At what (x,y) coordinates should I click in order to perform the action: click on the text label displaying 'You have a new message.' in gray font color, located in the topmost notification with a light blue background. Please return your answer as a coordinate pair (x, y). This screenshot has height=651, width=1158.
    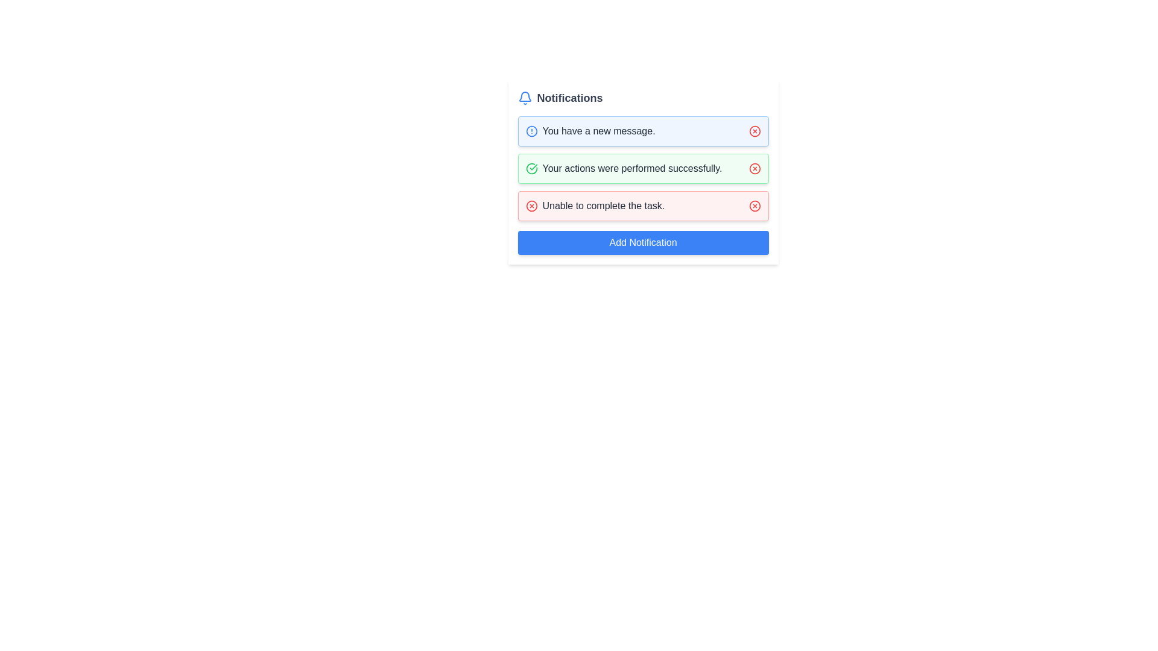
    Looking at the image, I should click on (599, 131).